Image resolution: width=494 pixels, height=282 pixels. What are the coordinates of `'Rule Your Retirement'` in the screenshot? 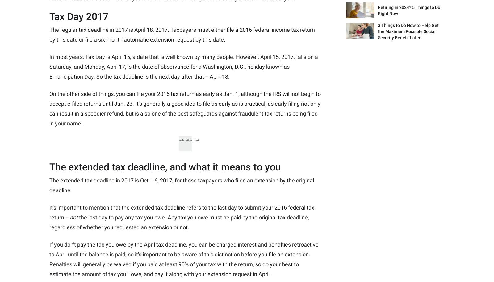 It's located at (236, 95).